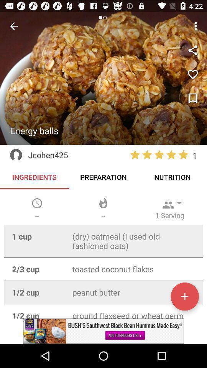 Image resolution: width=207 pixels, height=368 pixels. Describe the element at coordinates (133, 269) in the screenshot. I see `the toasted coconut flakes` at that location.